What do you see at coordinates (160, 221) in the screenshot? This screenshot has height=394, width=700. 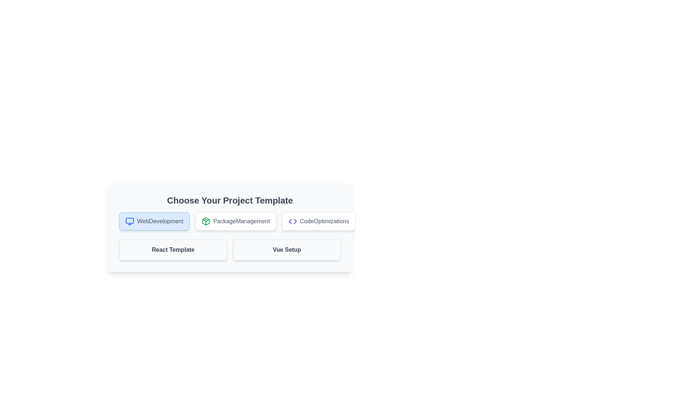 I see `the text label displaying 'WebDevelopment' which is styled as part of a button structure and located next to a computer monitor icon` at bounding box center [160, 221].